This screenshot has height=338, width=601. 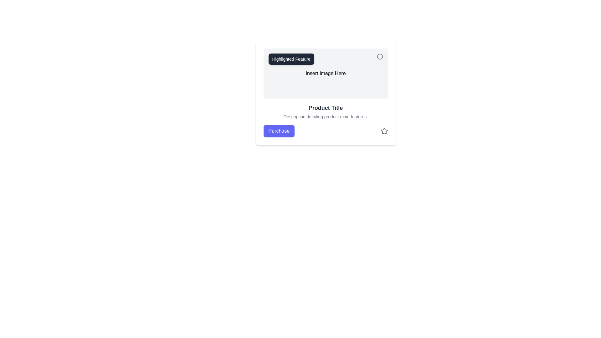 What do you see at coordinates (291, 59) in the screenshot?
I see `the small rectangular label with rounded corners and a dark gray background that contains the white text 'Highlighted Feature'` at bounding box center [291, 59].